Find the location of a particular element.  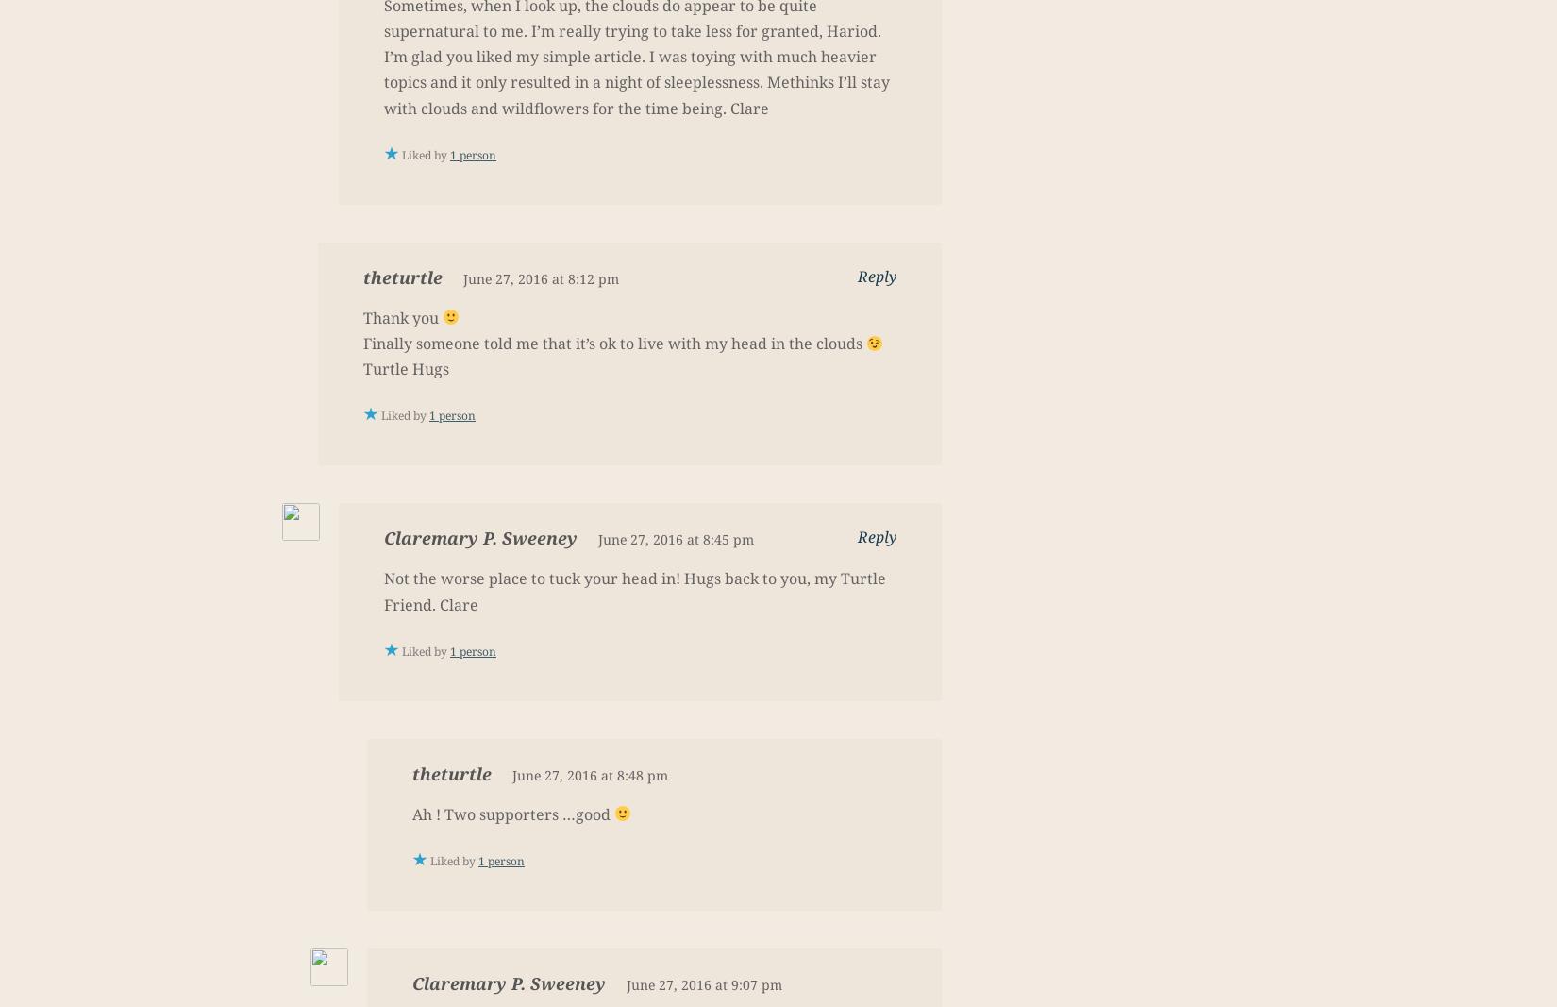

'June 27, 2016 at 8:45 pm' is located at coordinates (596, 539).